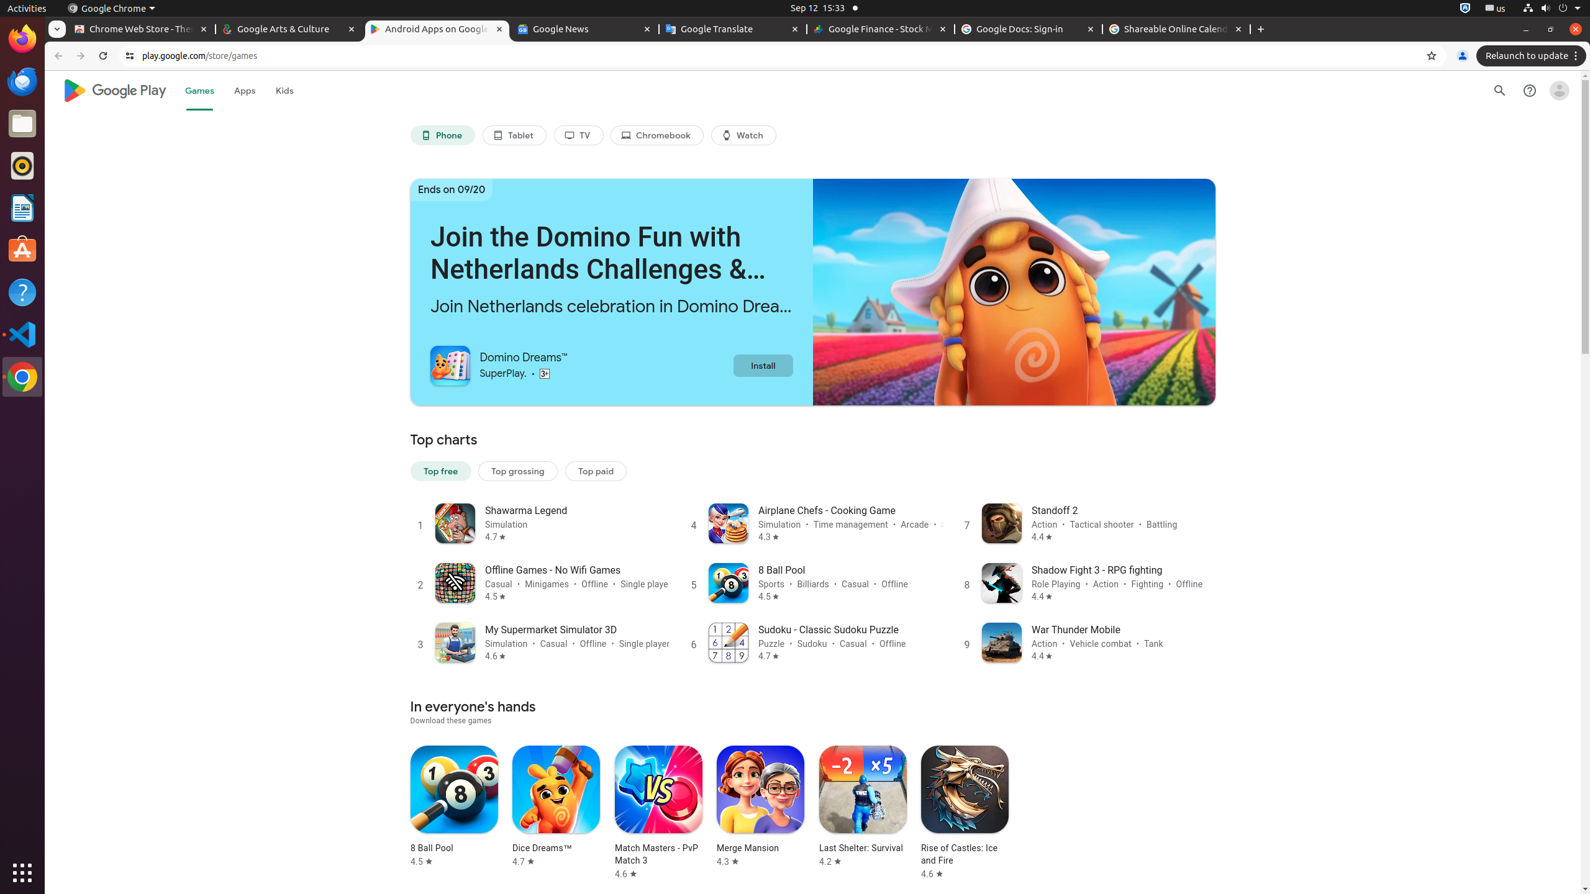  I want to click on 'Relaunch to update', so click(1532, 55).